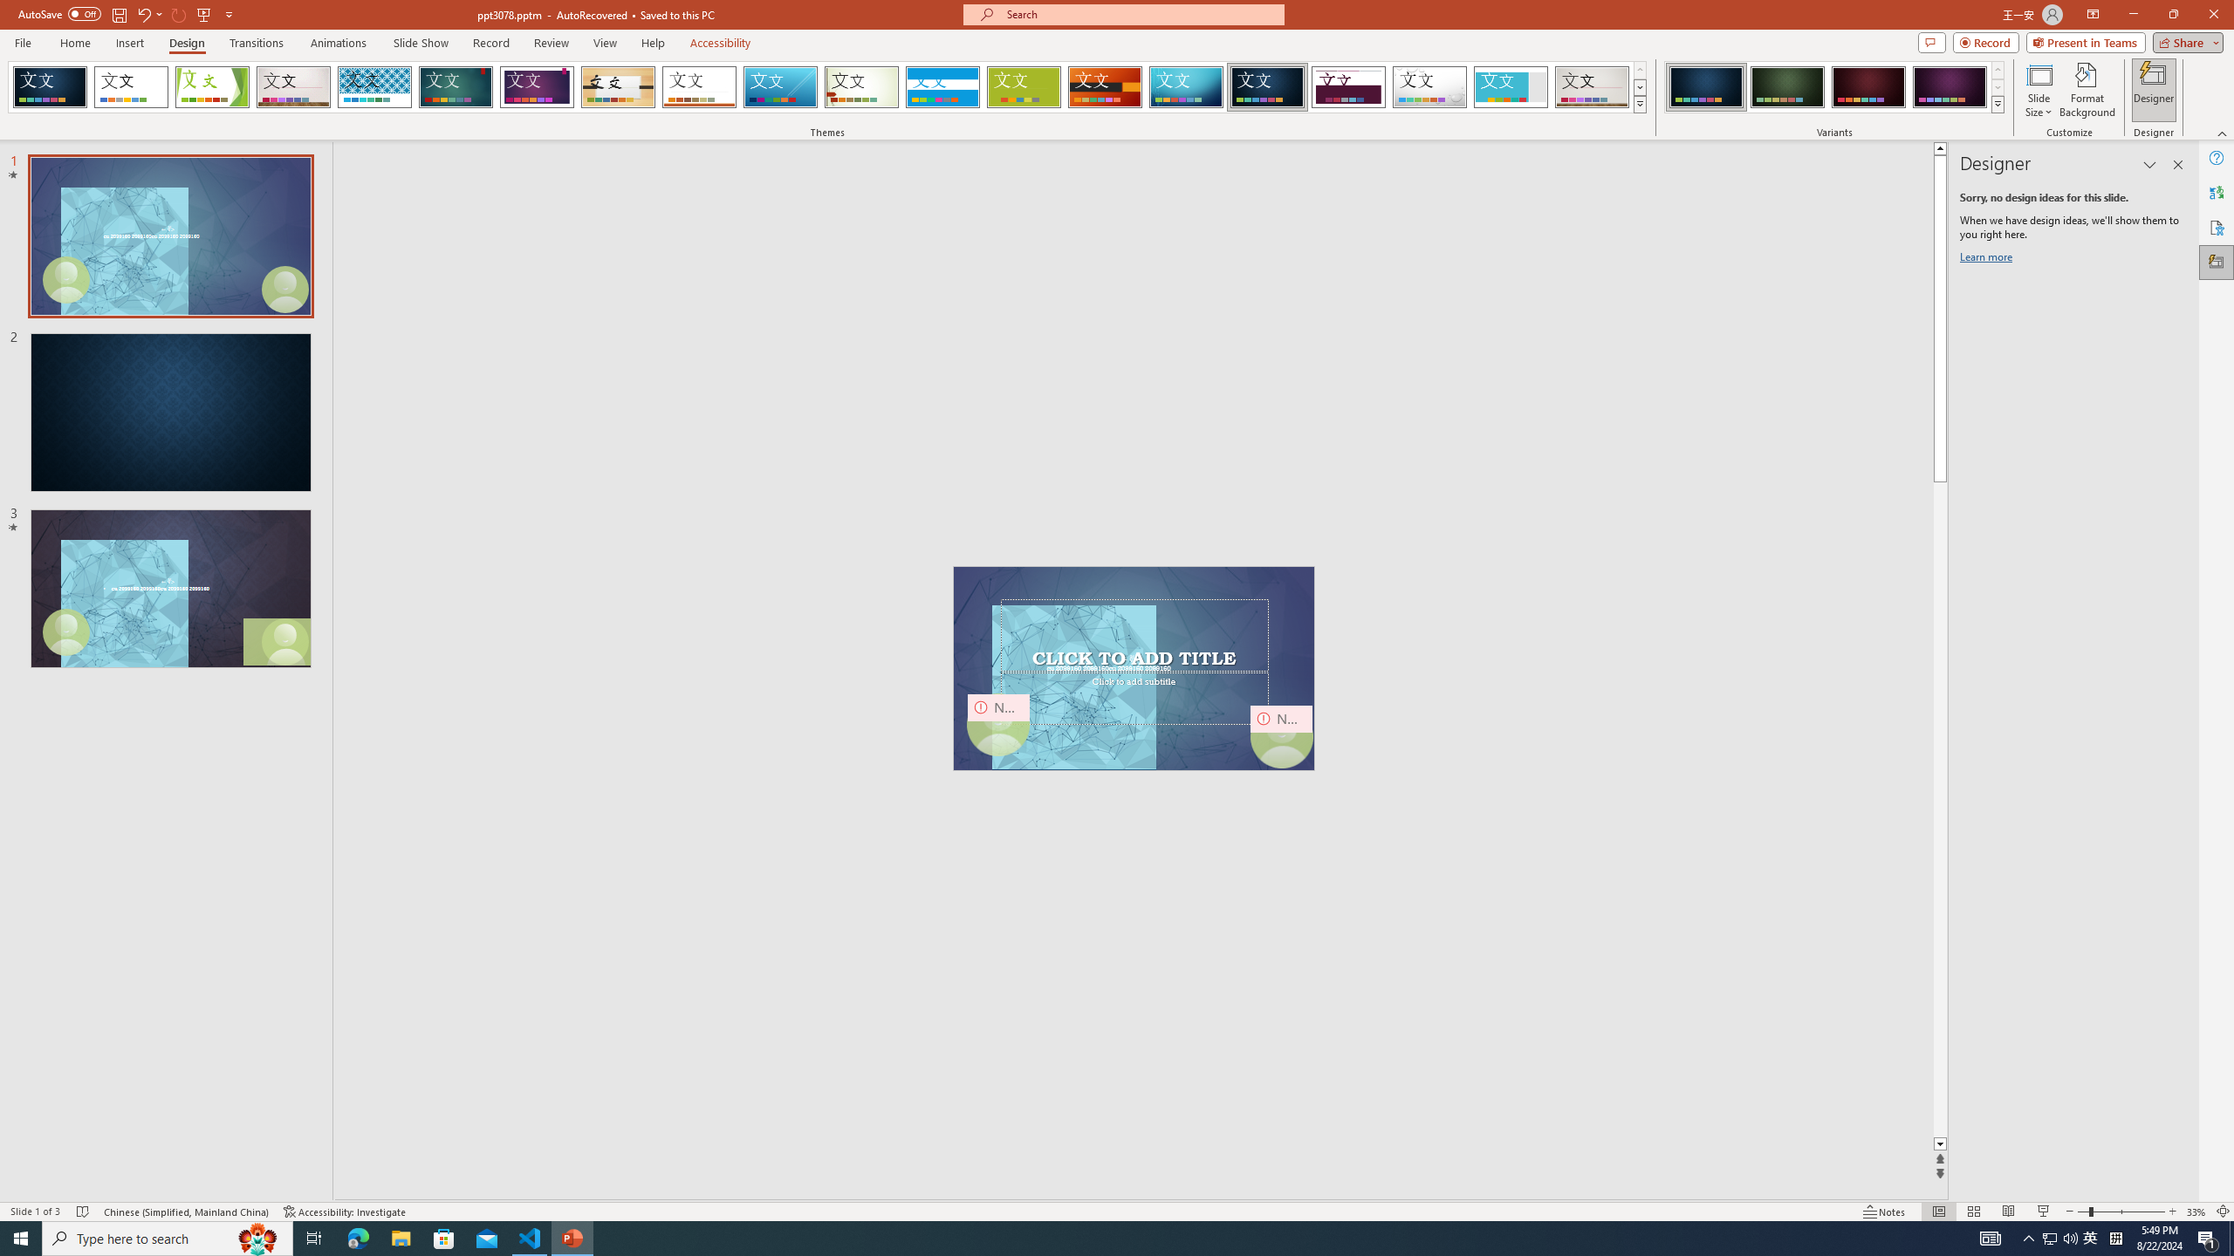  I want to click on 'Banded', so click(942, 86).